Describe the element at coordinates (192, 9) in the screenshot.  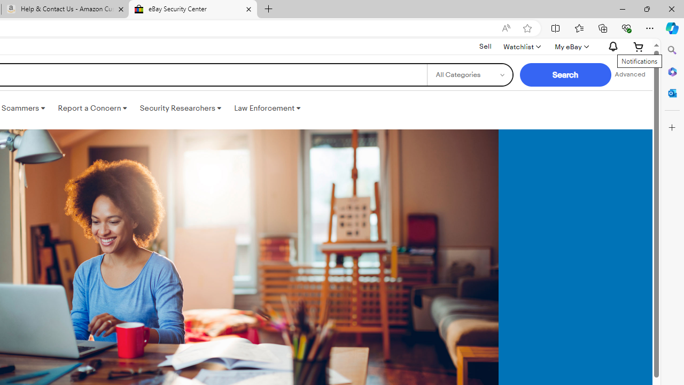
I see `'eBay Security Center'` at that location.